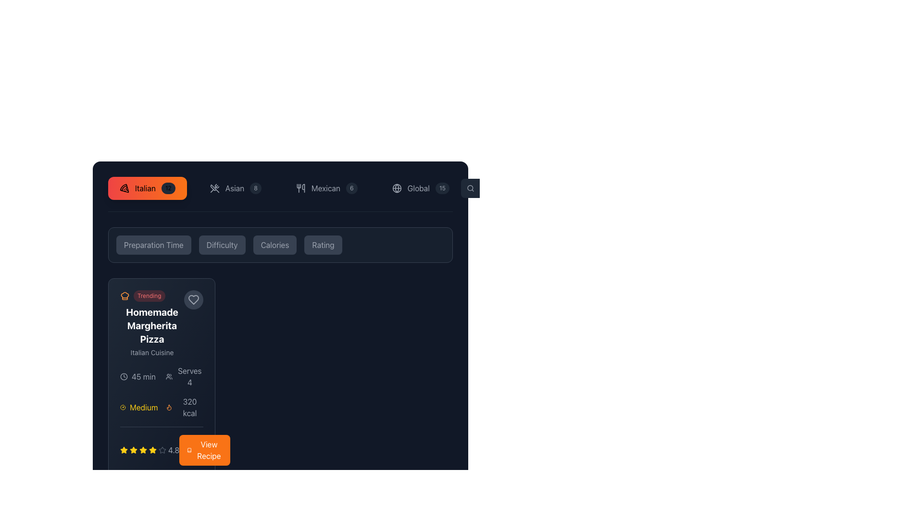 The height and width of the screenshot is (519, 923). Describe the element at coordinates (133, 450) in the screenshot. I see `the third star icon in the five-star rating system located below the recipe card, next to the rating value of '4.8'` at that location.